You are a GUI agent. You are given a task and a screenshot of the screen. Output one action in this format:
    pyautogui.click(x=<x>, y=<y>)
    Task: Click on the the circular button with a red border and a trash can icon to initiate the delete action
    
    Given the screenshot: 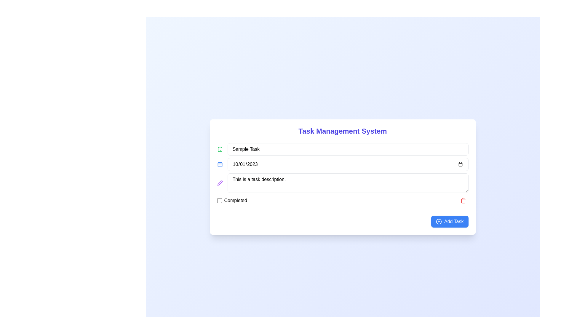 What is the action you would take?
    pyautogui.click(x=463, y=200)
    